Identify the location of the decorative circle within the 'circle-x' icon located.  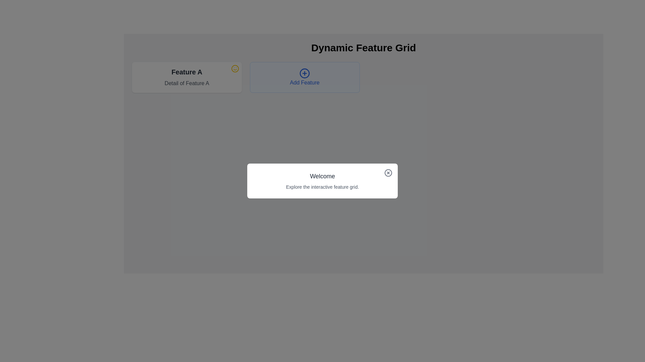
(388, 173).